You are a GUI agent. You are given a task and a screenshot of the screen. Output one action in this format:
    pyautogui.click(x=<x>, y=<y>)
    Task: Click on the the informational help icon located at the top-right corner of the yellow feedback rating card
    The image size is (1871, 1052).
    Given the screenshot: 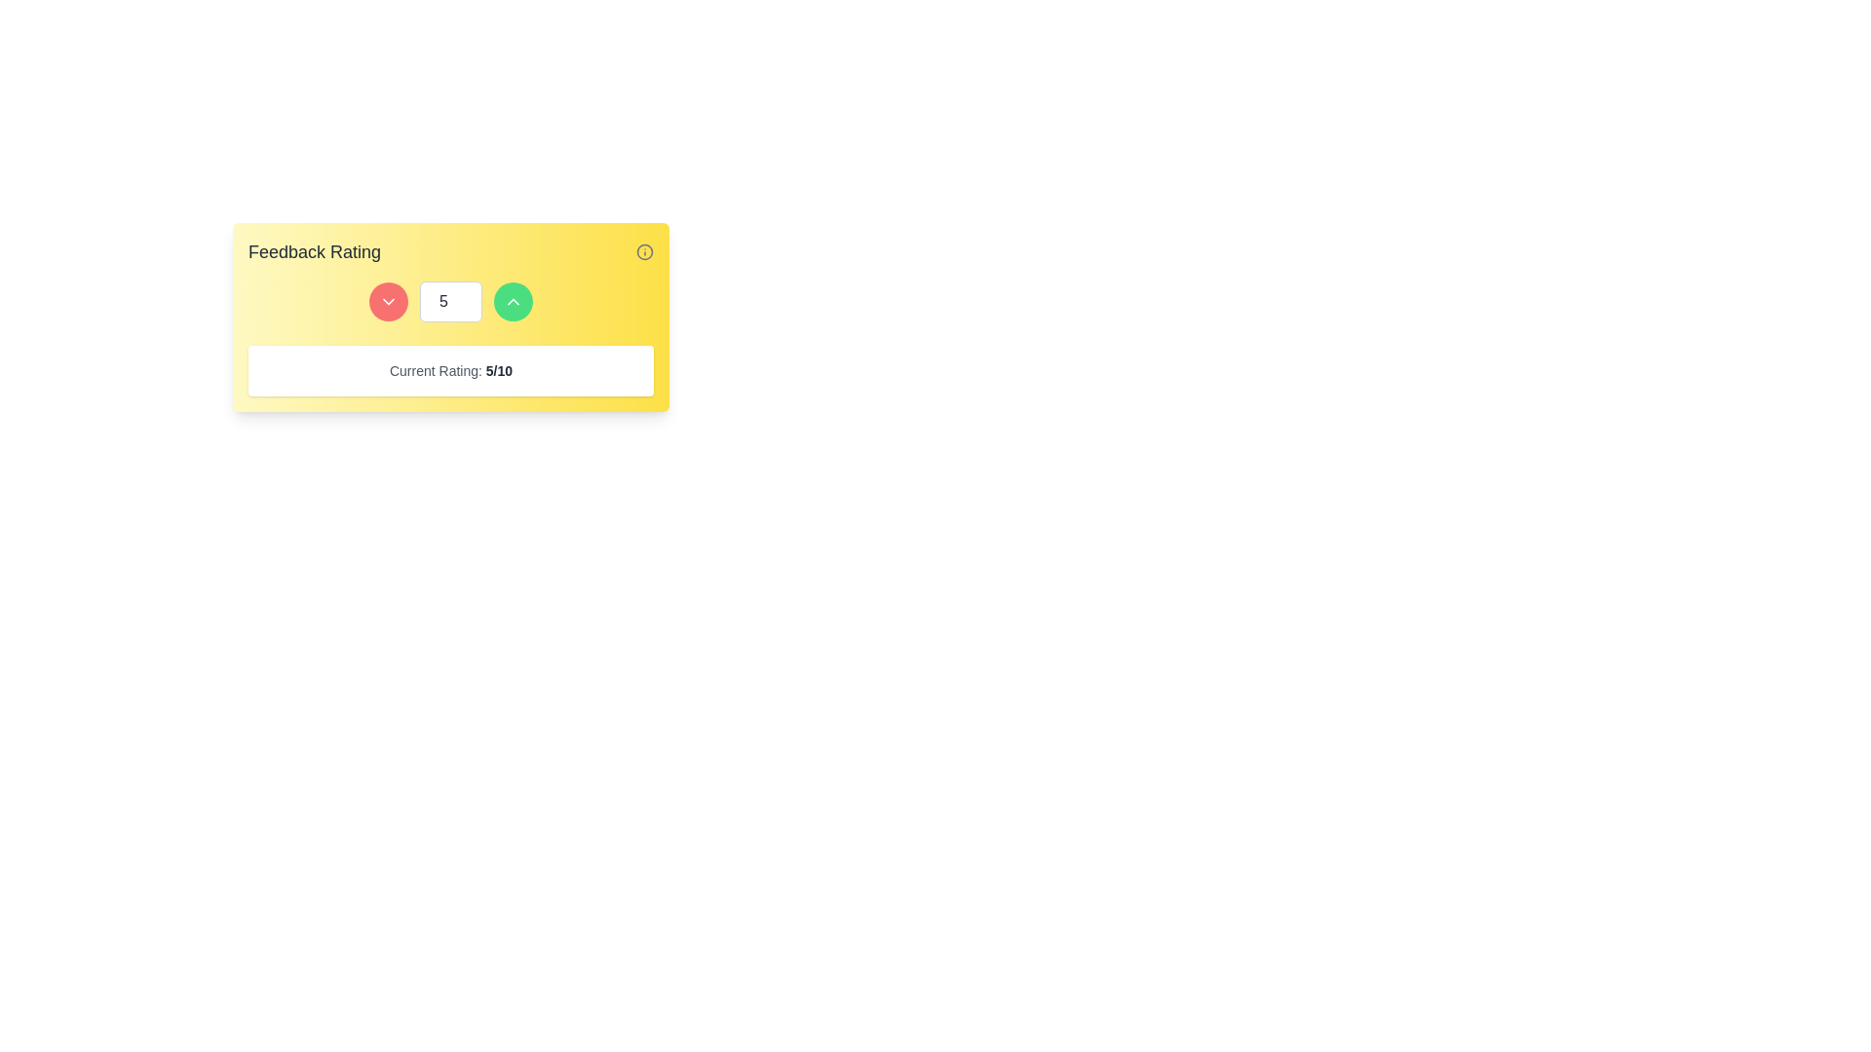 What is the action you would take?
    pyautogui.click(x=645, y=250)
    